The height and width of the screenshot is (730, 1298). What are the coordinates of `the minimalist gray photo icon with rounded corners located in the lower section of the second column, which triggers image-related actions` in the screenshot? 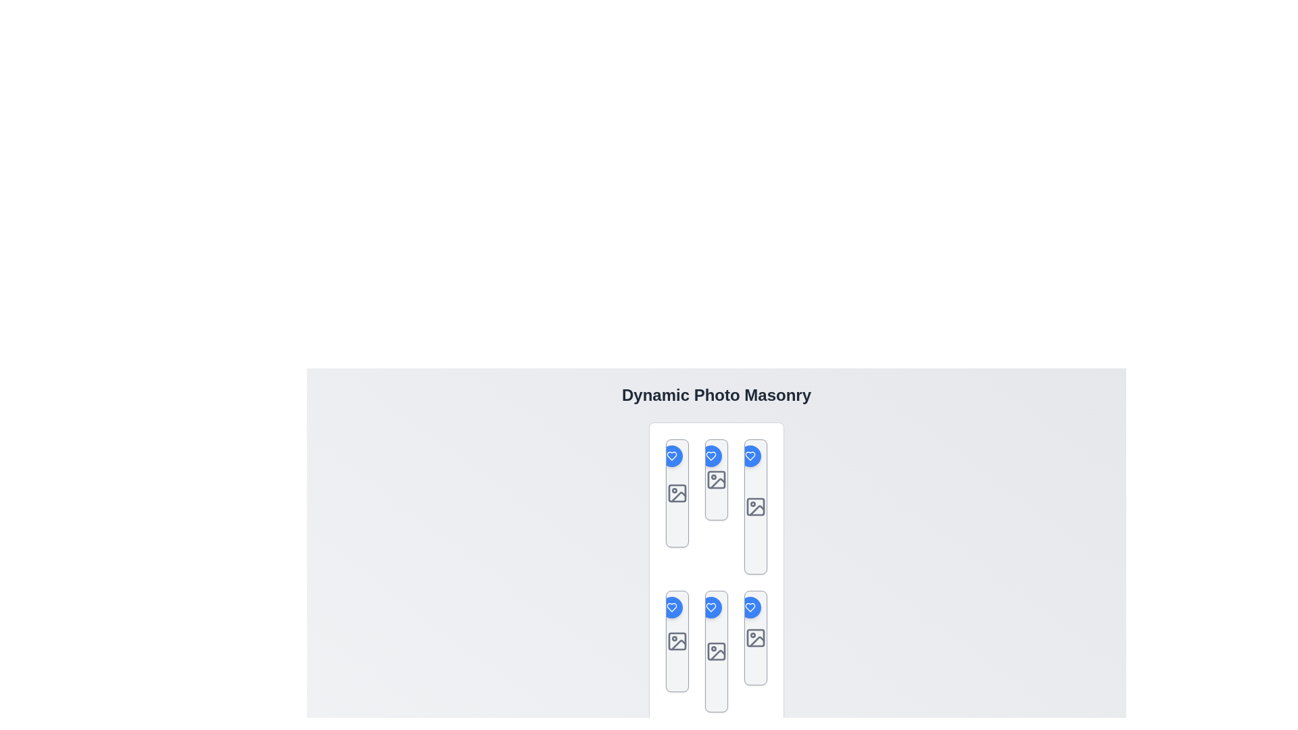 It's located at (677, 640).